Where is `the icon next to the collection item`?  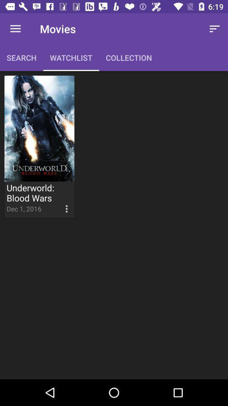 the icon next to the collection item is located at coordinates (214, 29).